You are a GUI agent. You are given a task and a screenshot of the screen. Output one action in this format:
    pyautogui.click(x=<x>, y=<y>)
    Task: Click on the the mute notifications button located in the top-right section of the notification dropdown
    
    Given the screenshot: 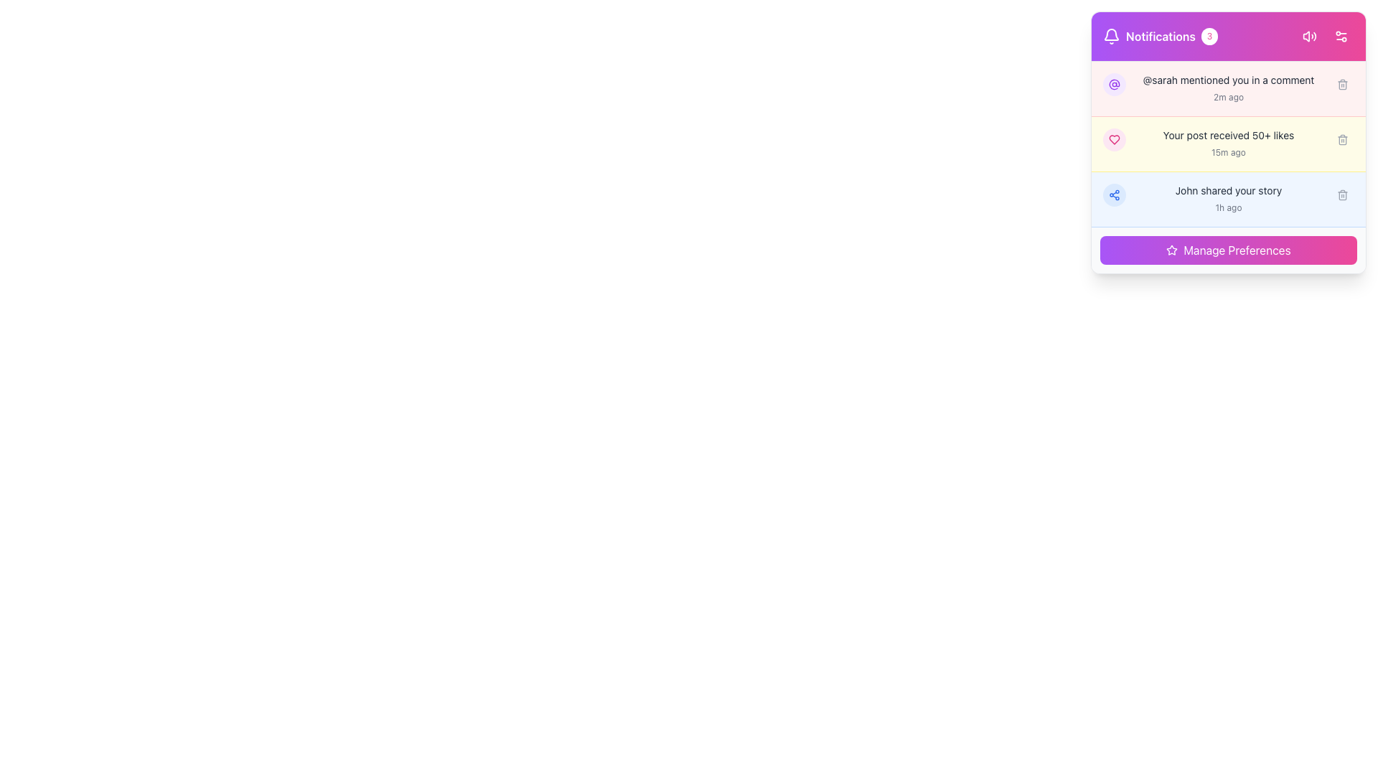 What is the action you would take?
    pyautogui.click(x=1309, y=35)
    